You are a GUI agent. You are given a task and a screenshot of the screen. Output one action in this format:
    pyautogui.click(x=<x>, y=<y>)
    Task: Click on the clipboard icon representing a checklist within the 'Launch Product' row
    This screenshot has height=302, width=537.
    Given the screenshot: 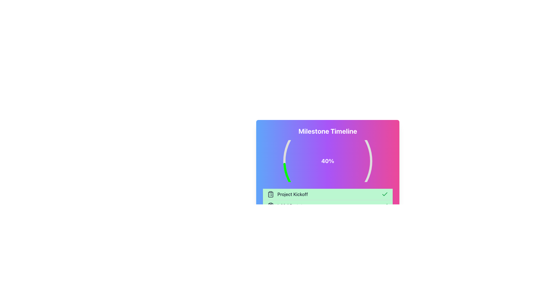 What is the action you would take?
    pyautogui.click(x=271, y=228)
    